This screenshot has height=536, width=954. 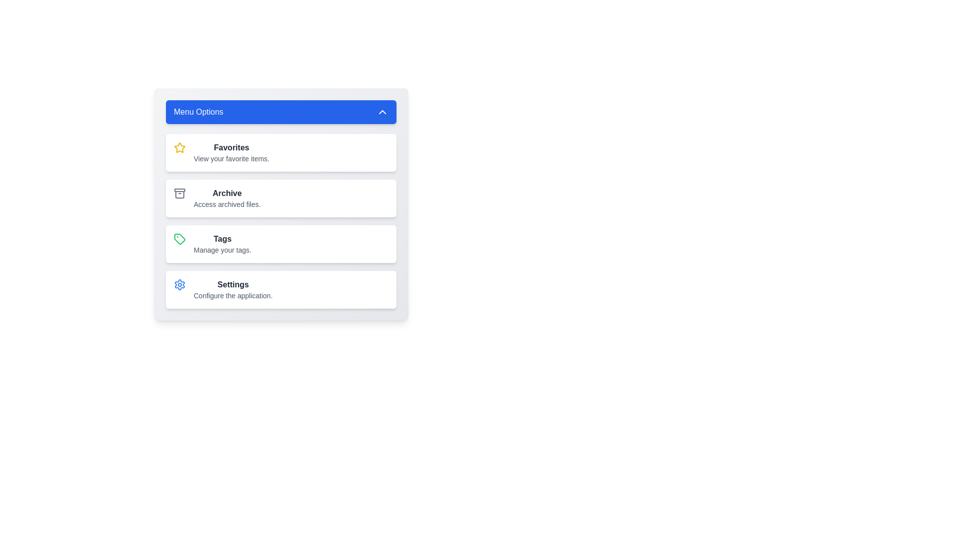 What do you see at coordinates (179, 285) in the screenshot?
I see `the settings icon located to the left of the 'Settings' text in the bottom-most section of the vertical menu` at bounding box center [179, 285].